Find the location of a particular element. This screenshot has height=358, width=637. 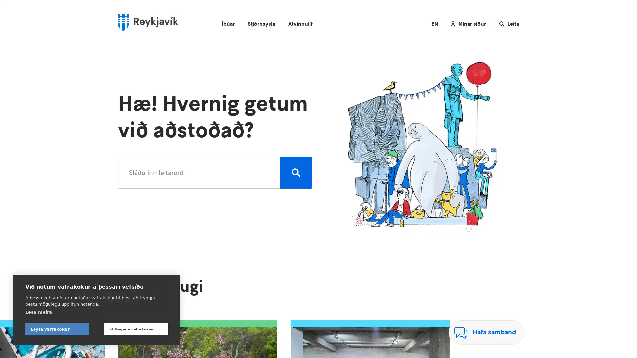

Ibuar is located at coordinates (228, 22).